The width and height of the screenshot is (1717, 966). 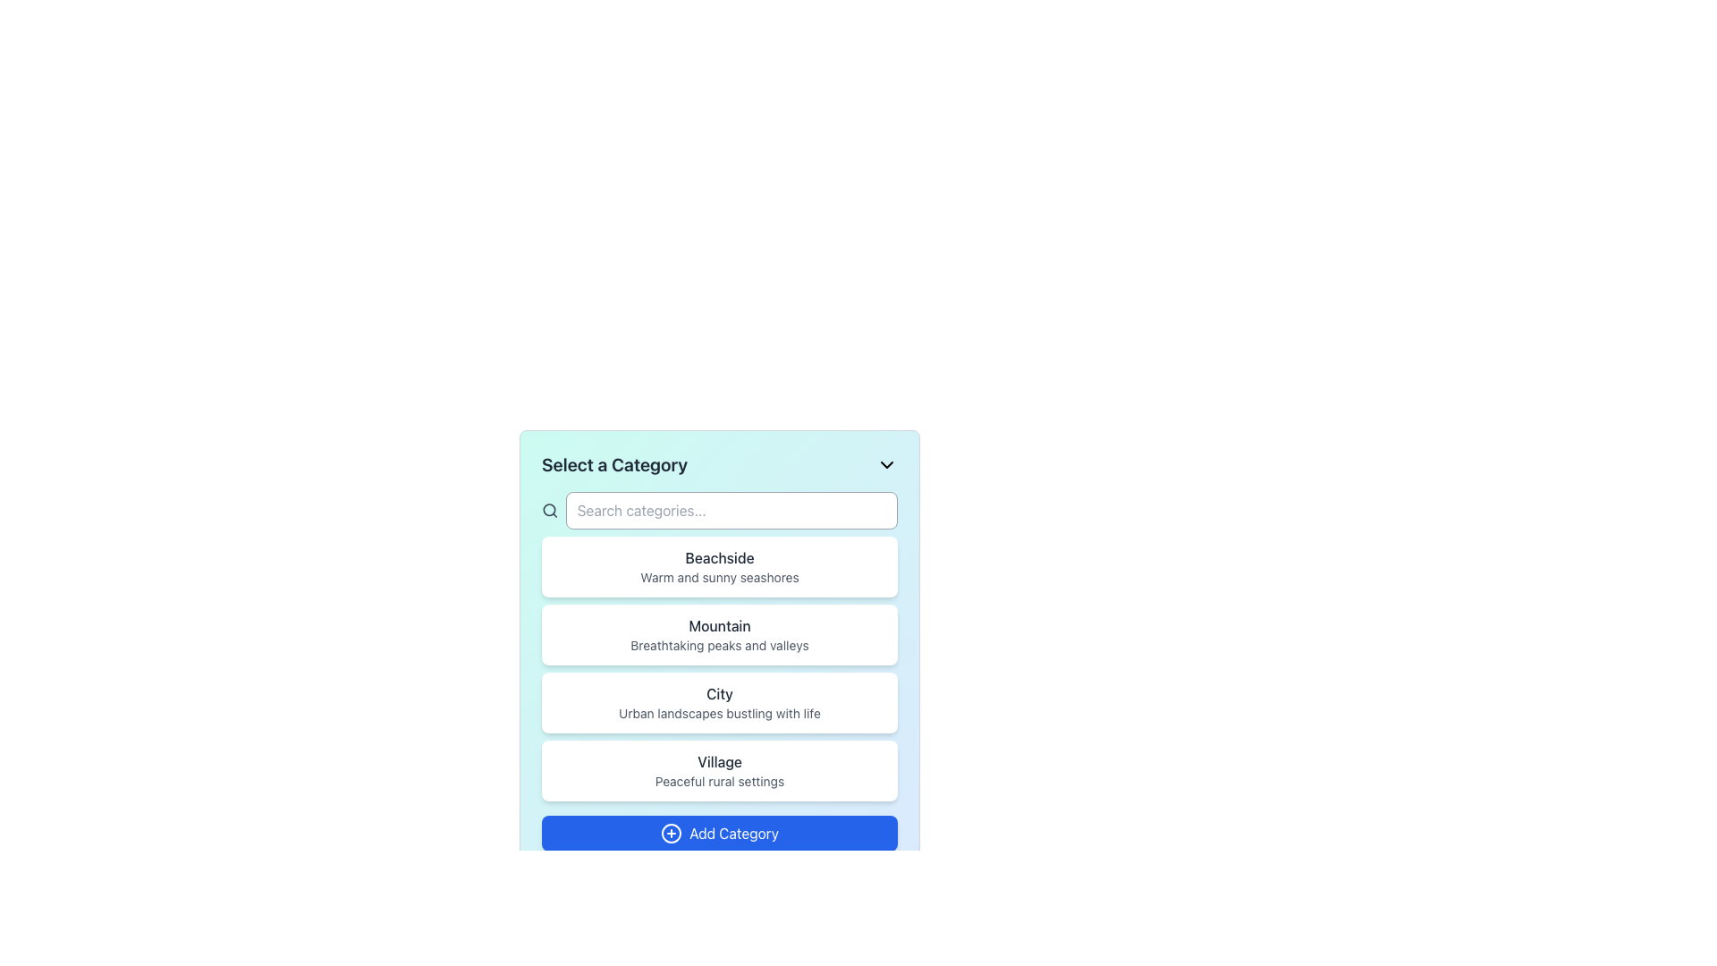 I want to click on the second button labeled 'Mountain' in the vertically aligned list, so click(x=720, y=614).